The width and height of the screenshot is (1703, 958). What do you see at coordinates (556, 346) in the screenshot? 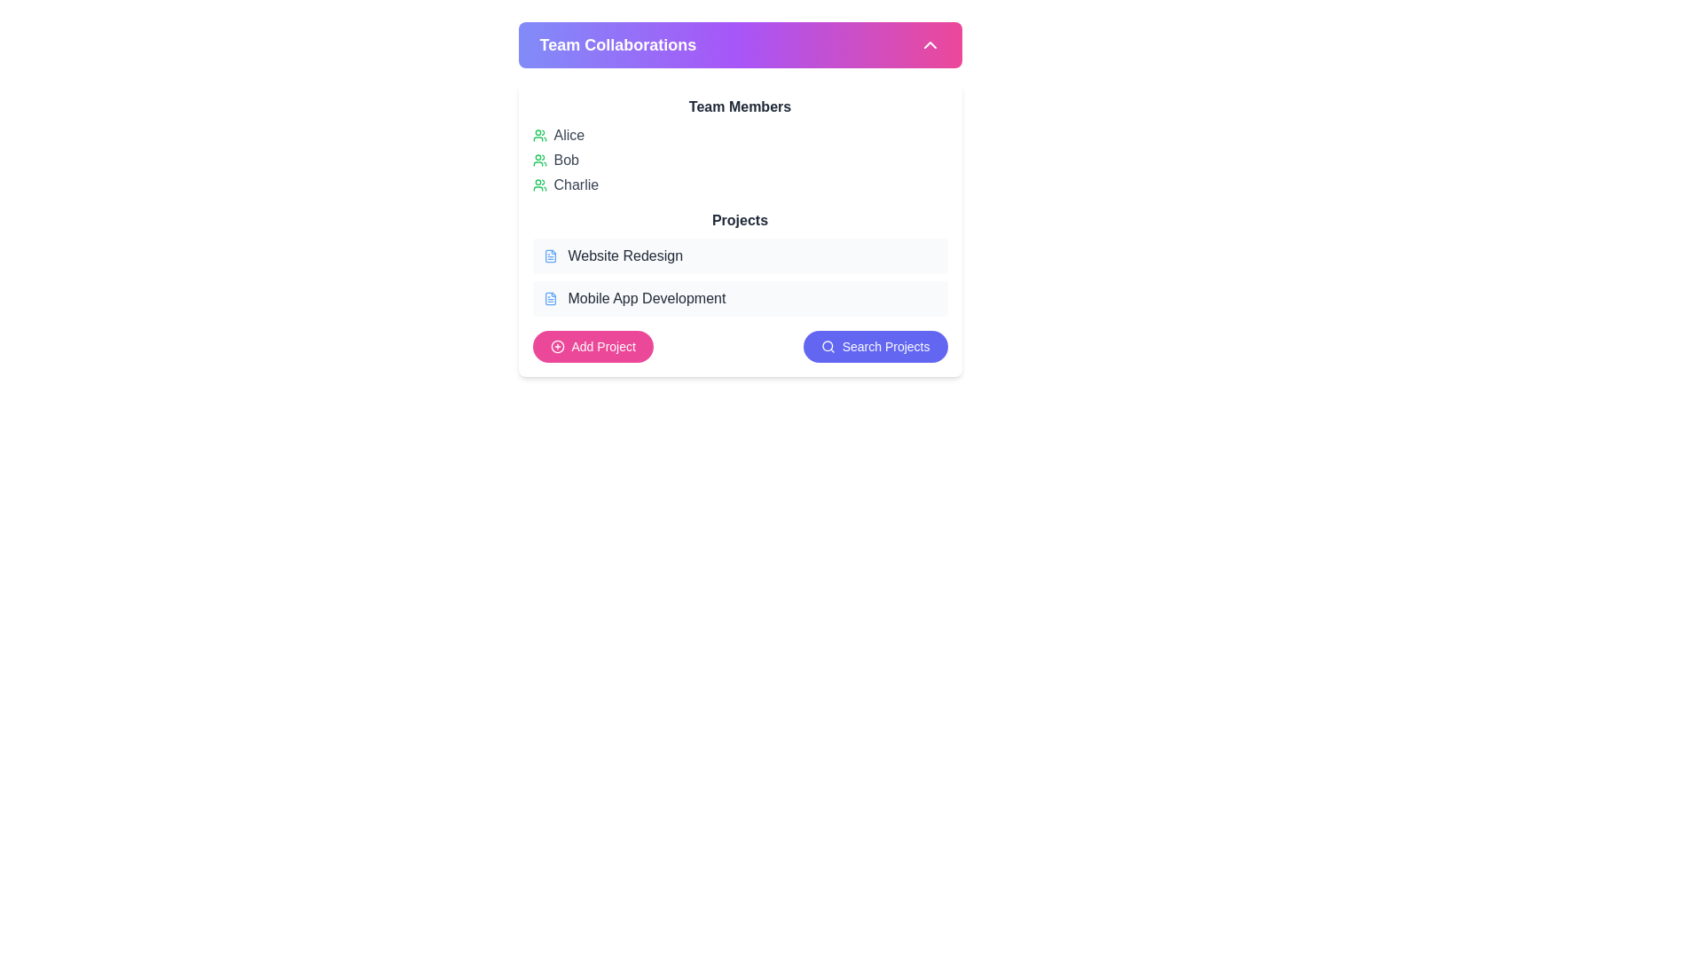
I see `the circular plus icon with a pink background located within the 'Add Project' button, which is positioned` at bounding box center [556, 346].